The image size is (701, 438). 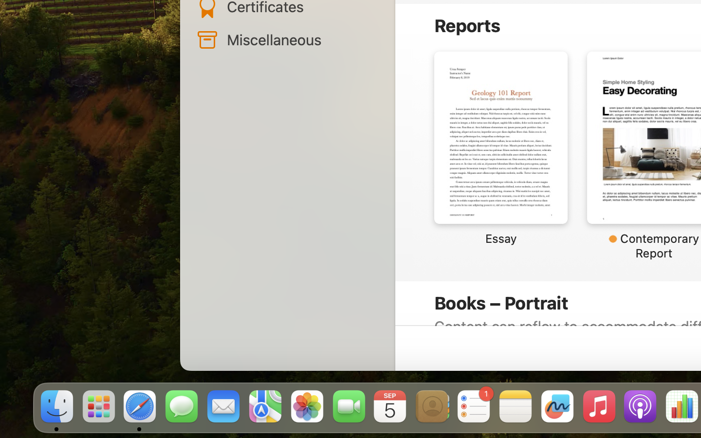 I want to click on 'Miscellaneous', so click(x=301, y=39).